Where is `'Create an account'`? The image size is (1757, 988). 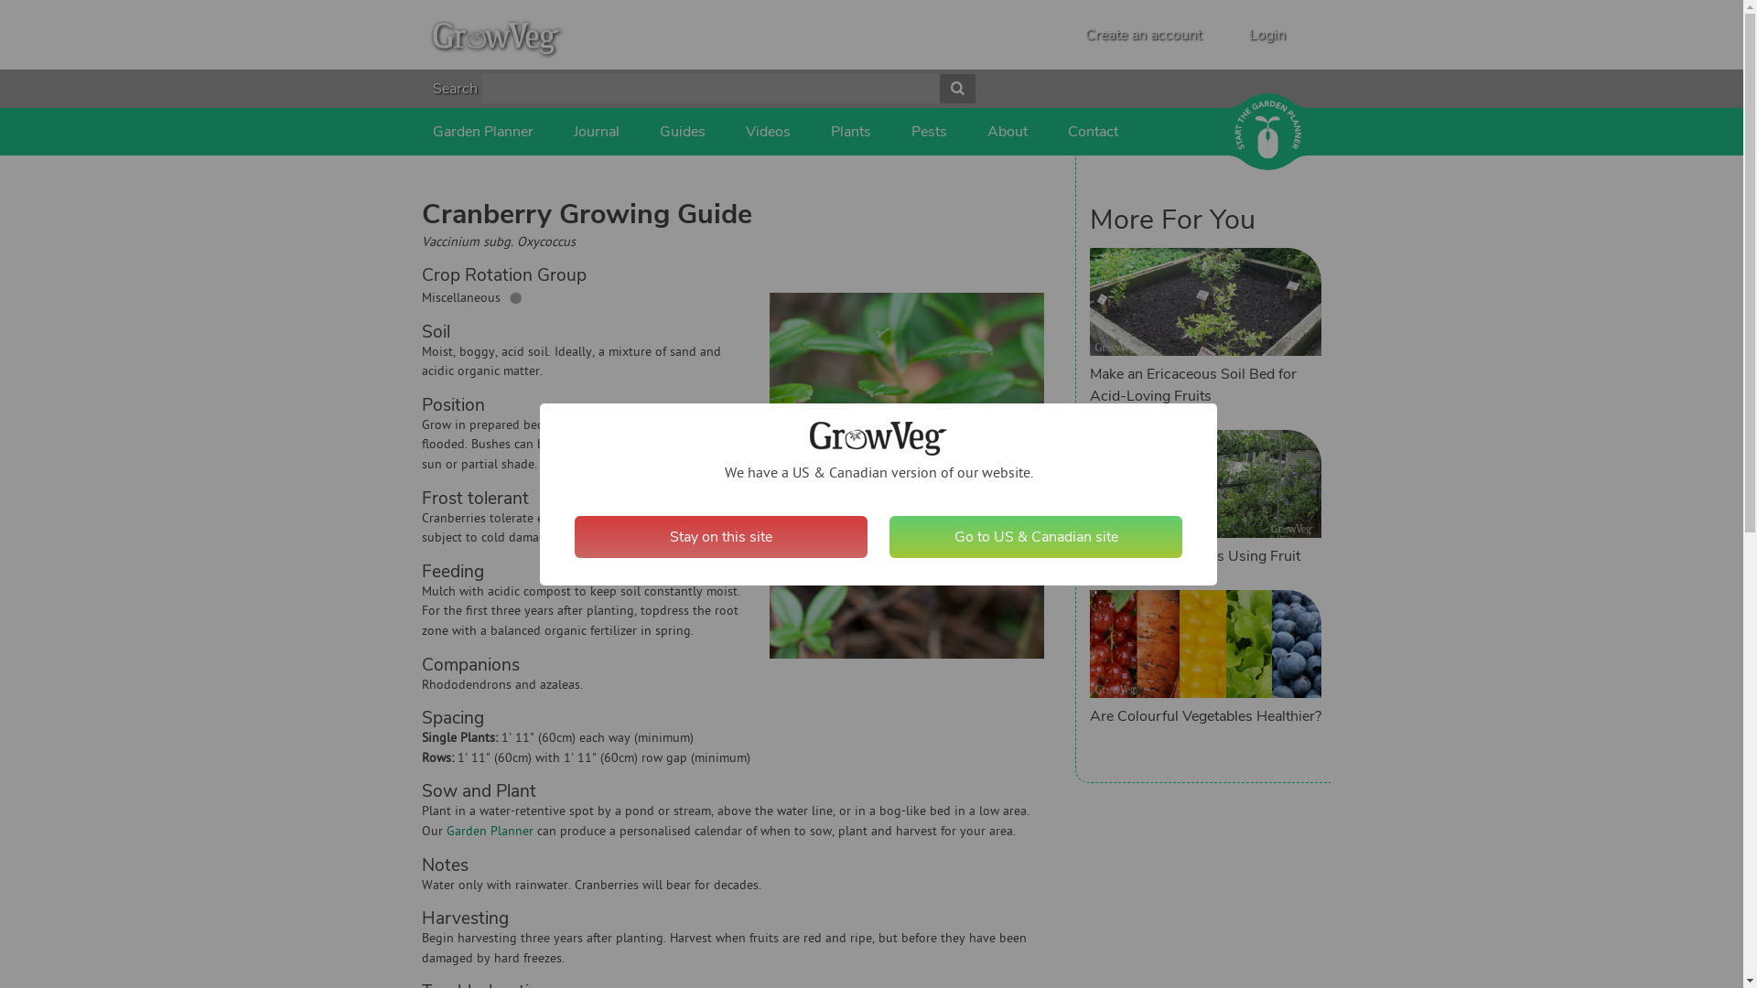
'Create an account' is located at coordinates (1142, 35).